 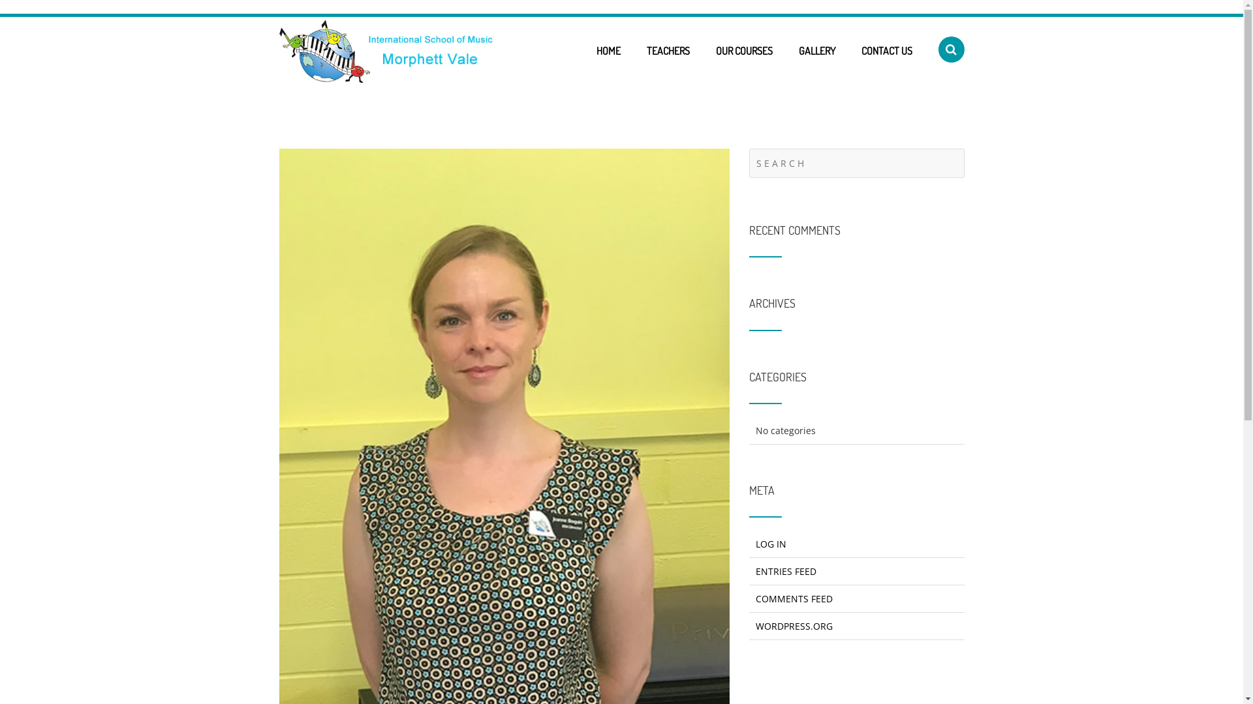 What do you see at coordinates (886, 50) in the screenshot?
I see `'CONTACT US'` at bounding box center [886, 50].